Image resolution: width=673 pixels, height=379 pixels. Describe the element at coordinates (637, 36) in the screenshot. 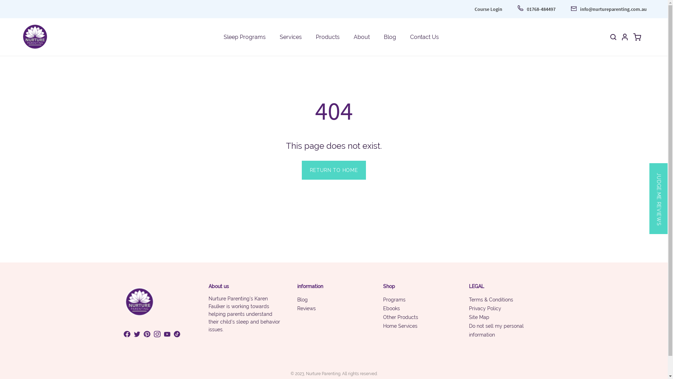

I see `'Open cart'` at that location.